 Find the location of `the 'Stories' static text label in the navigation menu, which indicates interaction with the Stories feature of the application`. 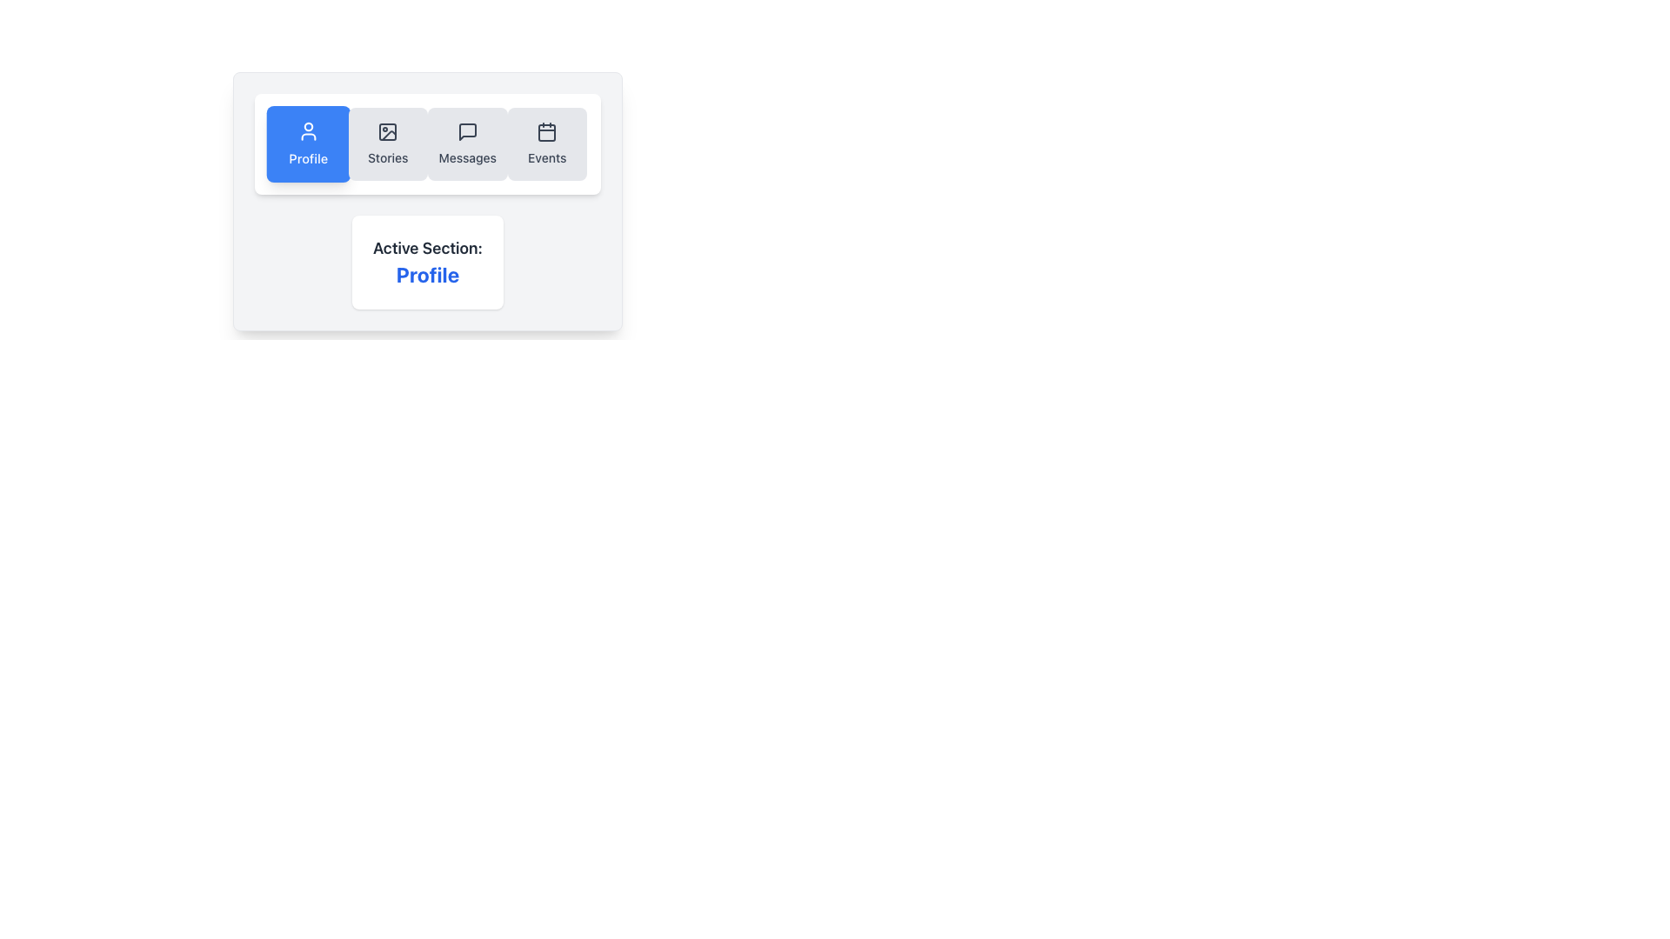

the 'Stories' static text label in the navigation menu, which indicates interaction with the Stories feature of the application is located at coordinates (387, 157).